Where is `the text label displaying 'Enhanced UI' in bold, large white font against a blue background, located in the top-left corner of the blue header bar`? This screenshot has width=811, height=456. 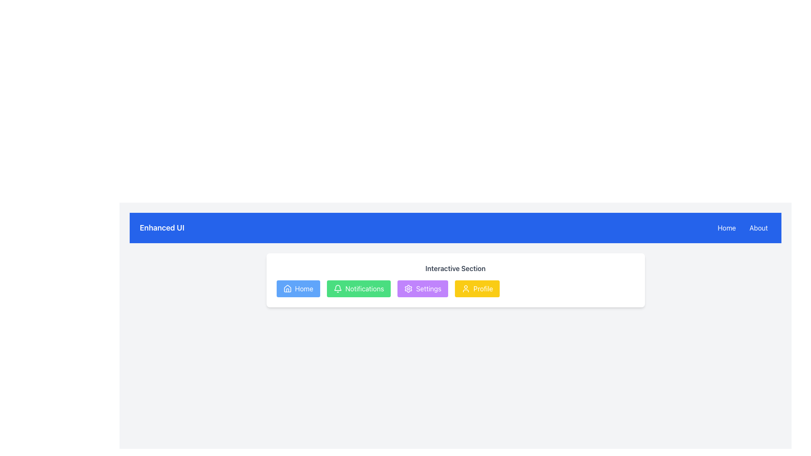 the text label displaying 'Enhanced UI' in bold, large white font against a blue background, located in the top-left corner of the blue header bar is located at coordinates (162, 228).